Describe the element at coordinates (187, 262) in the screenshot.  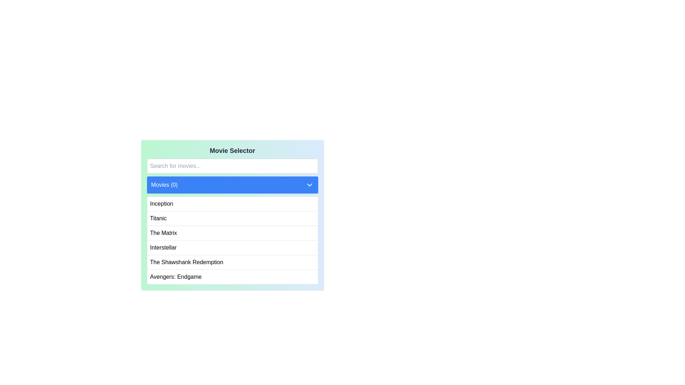
I see `the fifth item in the dropdown list` at that location.